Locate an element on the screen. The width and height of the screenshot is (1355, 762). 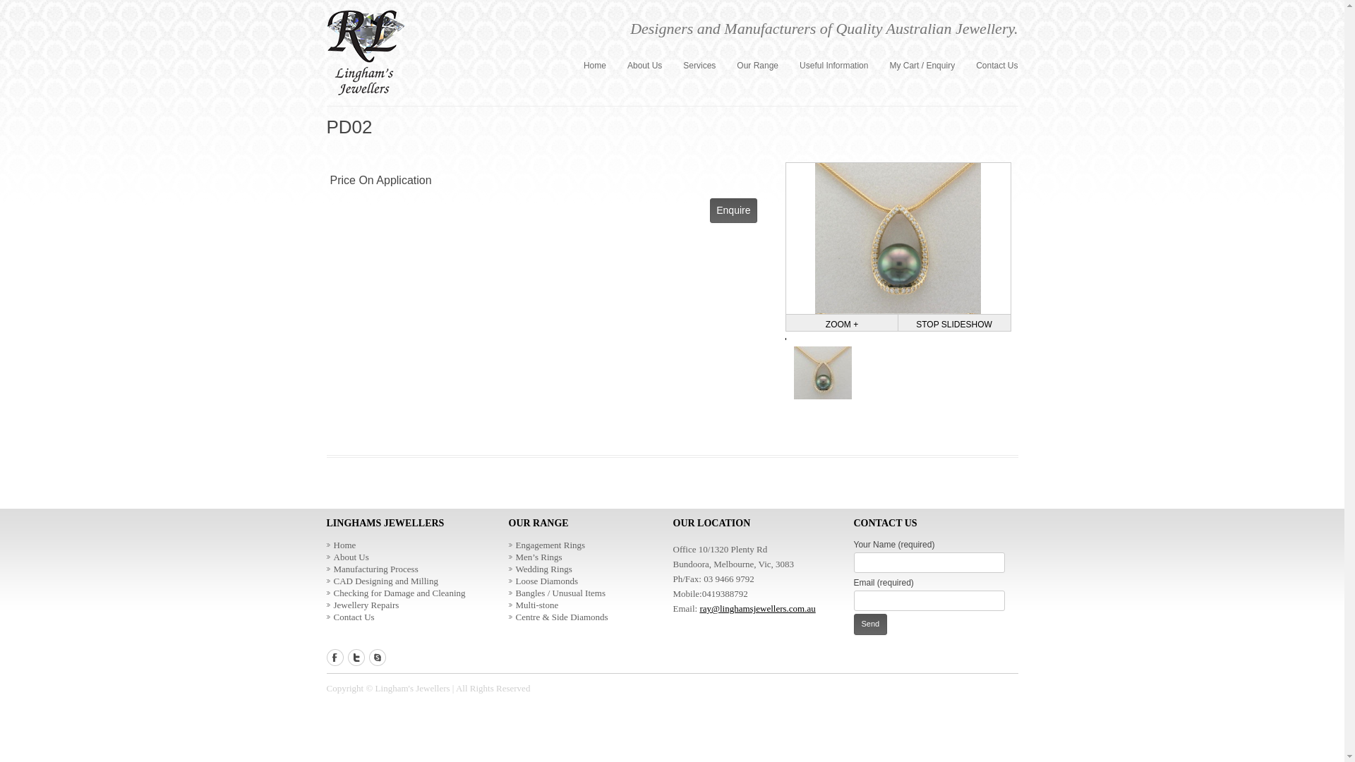
'About Us' is located at coordinates (347, 556).